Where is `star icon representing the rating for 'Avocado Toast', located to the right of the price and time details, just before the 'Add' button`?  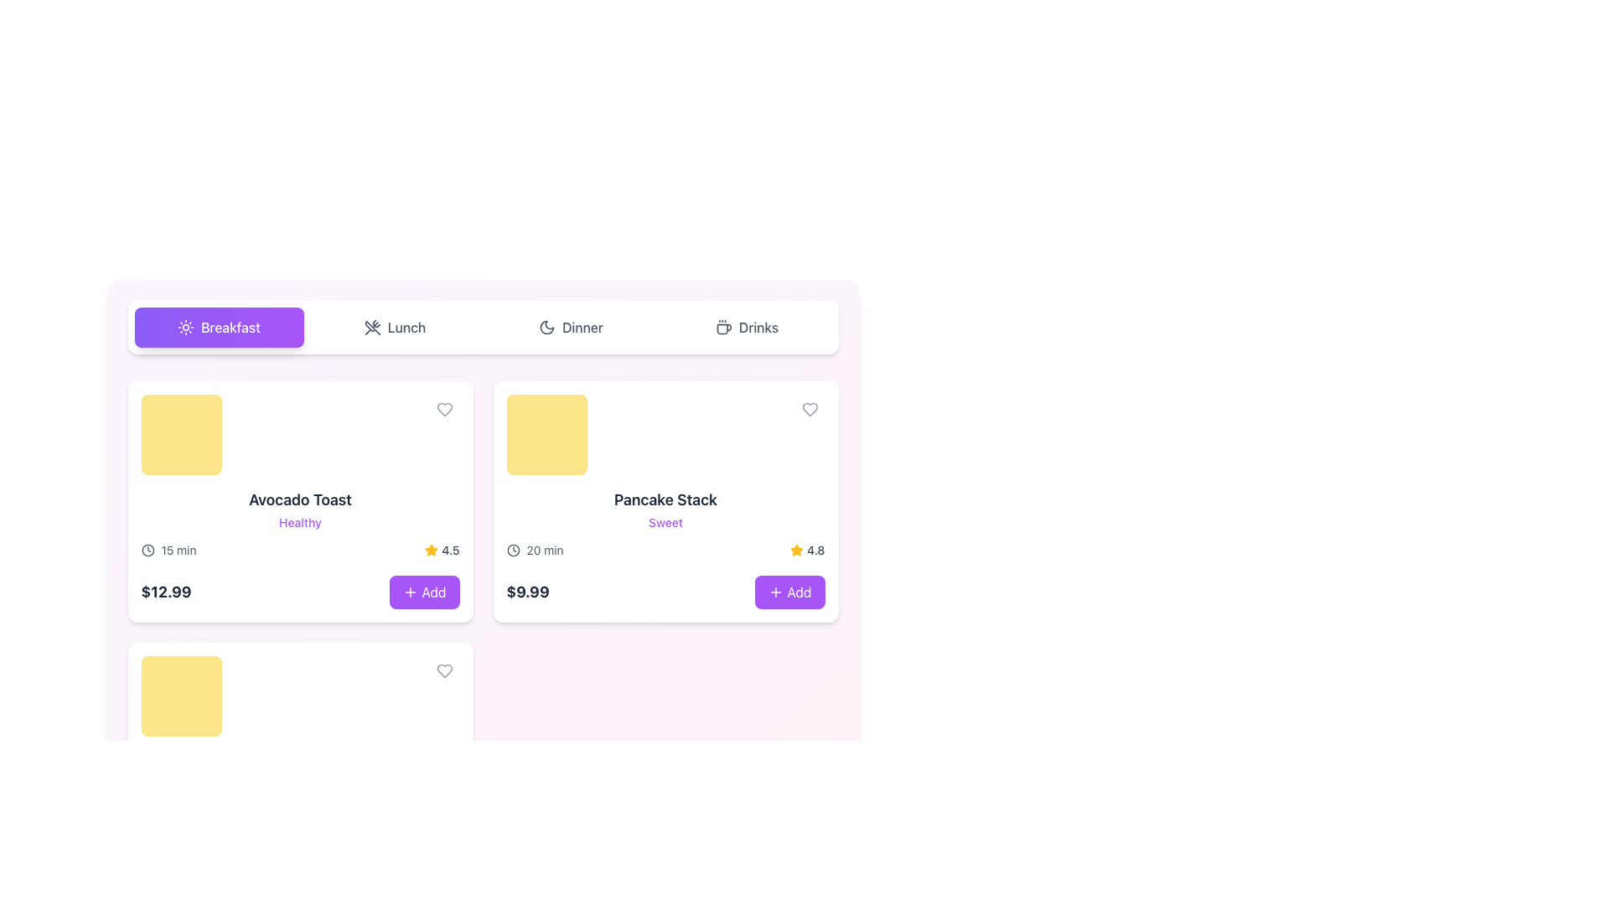 star icon representing the rating for 'Avocado Toast', located to the right of the price and time details, just before the 'Add' button is located at coordinates (432, 550).